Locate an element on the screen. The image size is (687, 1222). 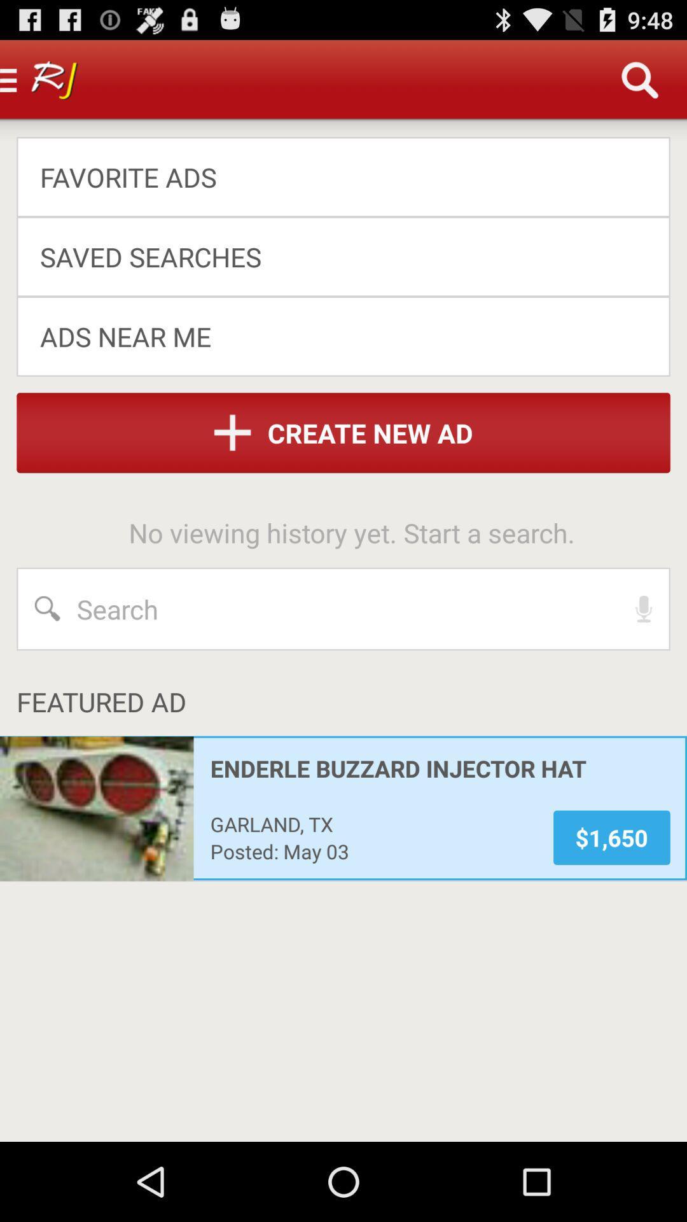
the posted: may 03 icon is located at coordinates (373, 851).